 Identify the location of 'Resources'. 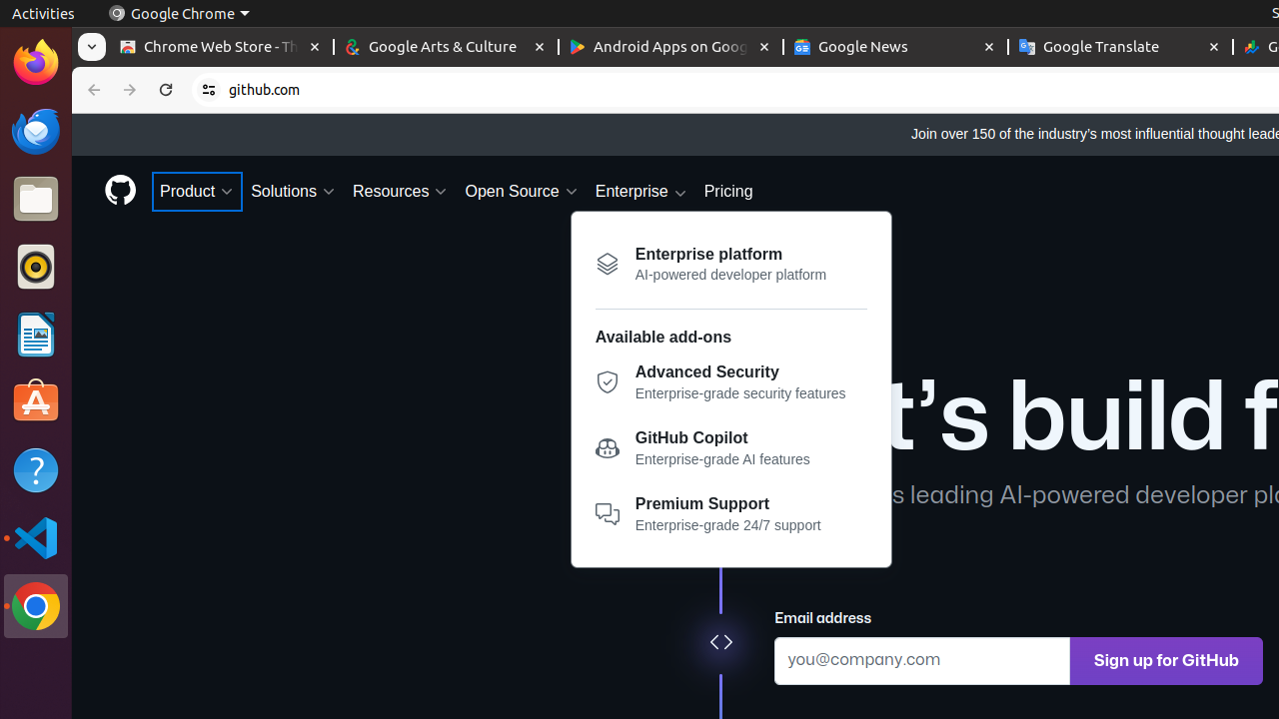
(400, 191).